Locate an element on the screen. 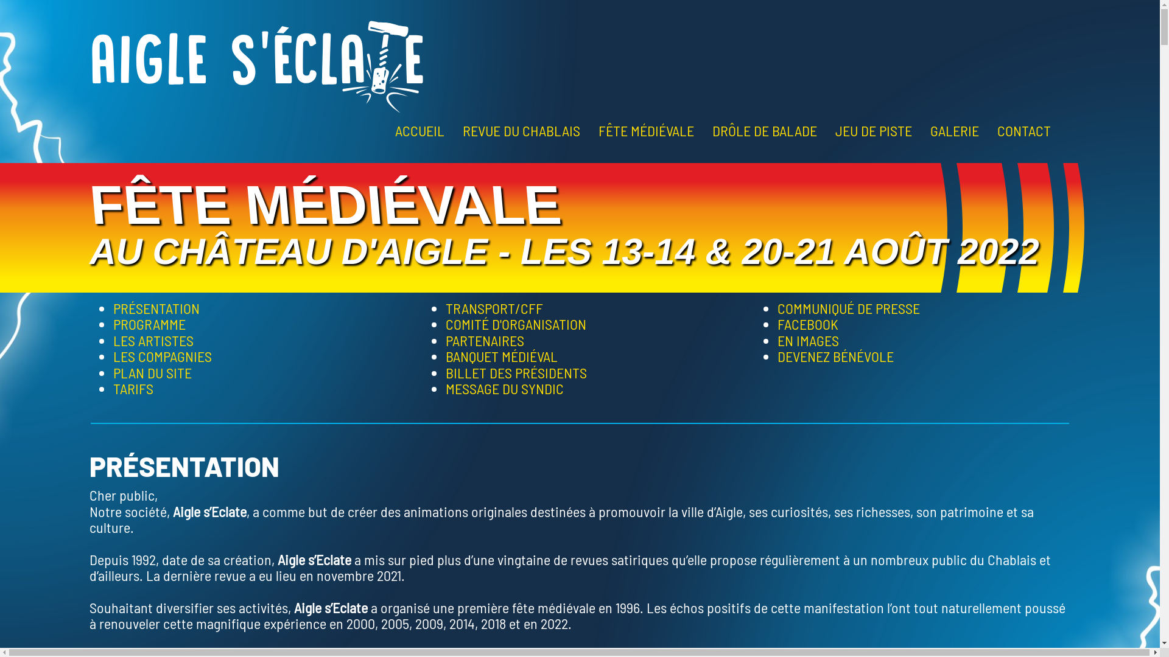 This screenshot has width=1169, height=657. 'GALERIE' is located at coordinates (954, 130).